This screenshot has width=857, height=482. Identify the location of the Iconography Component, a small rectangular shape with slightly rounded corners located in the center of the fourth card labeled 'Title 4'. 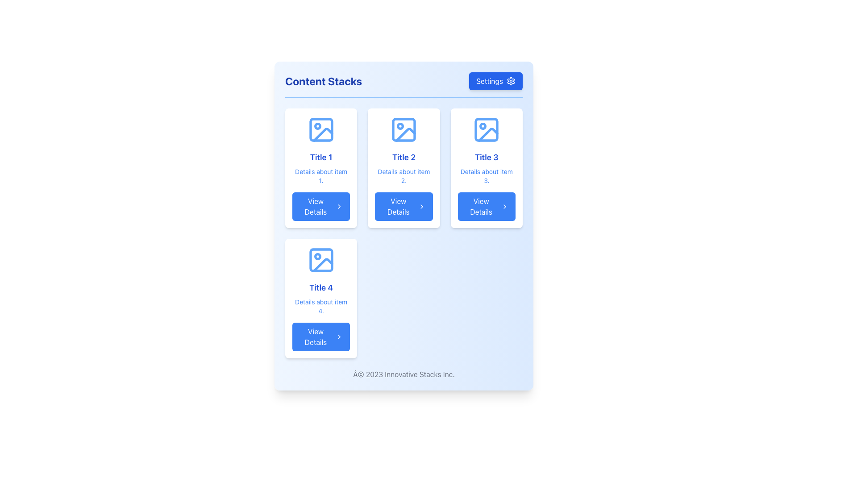
(321, 260).